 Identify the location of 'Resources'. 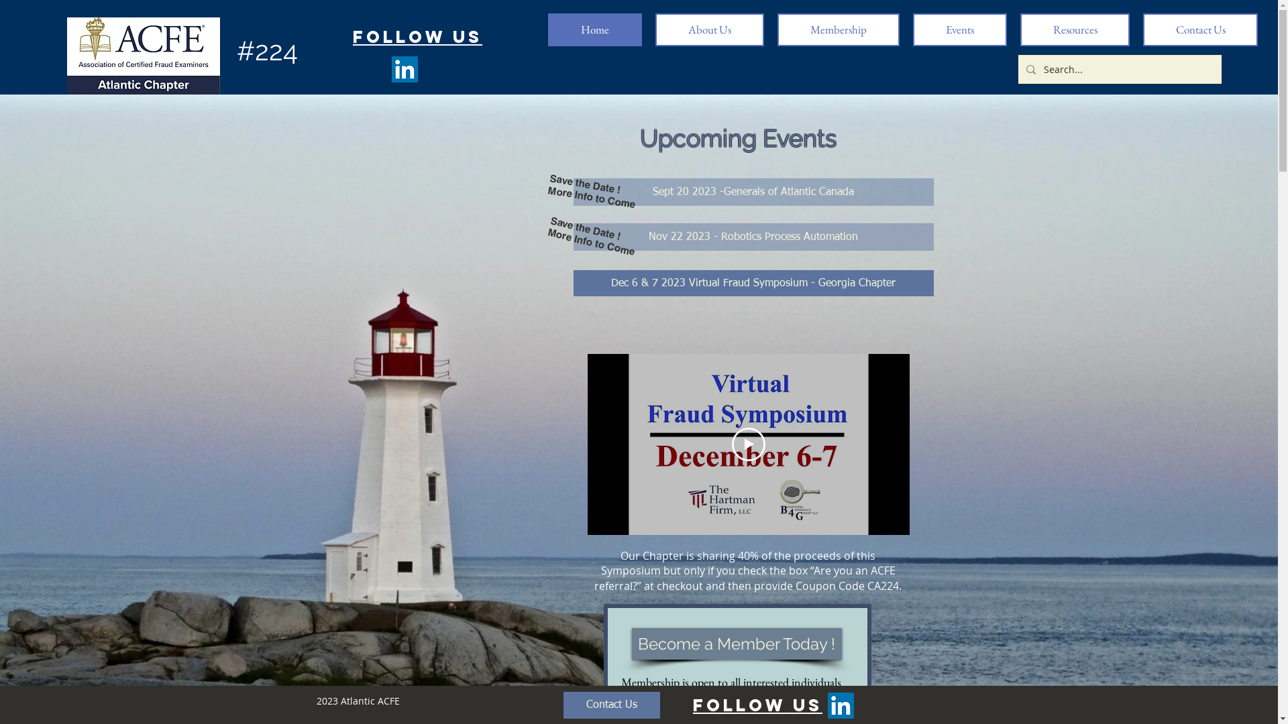
(1075, 29).